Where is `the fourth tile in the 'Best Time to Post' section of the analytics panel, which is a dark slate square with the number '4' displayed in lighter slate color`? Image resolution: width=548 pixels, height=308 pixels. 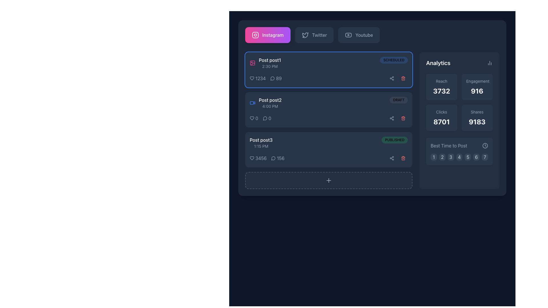
the fourth tile in the 'Best Time to Post' section of the analytics panel, which is a dark slate square with the number '4' displayed in lighter slate color is located at coordinates (459, 157).